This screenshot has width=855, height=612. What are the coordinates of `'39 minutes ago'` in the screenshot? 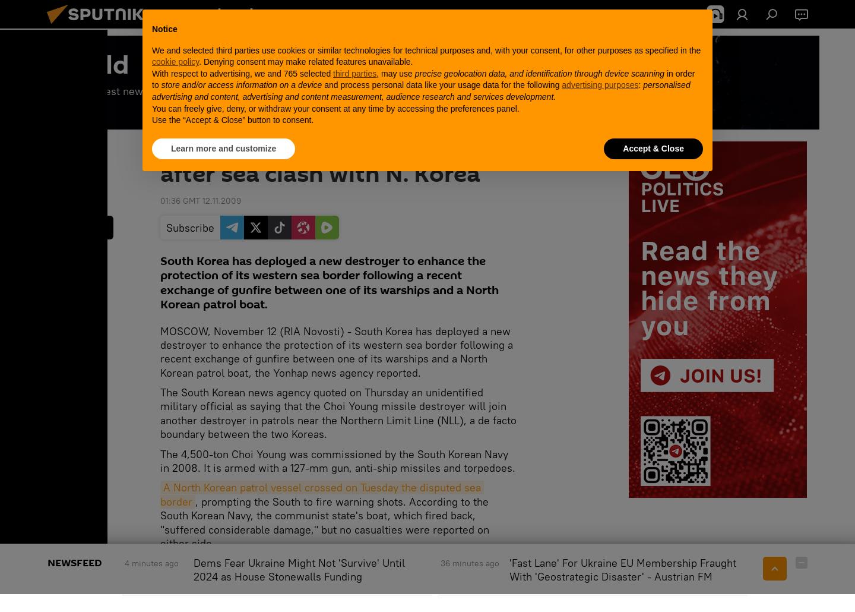 It's located at (755, 563).